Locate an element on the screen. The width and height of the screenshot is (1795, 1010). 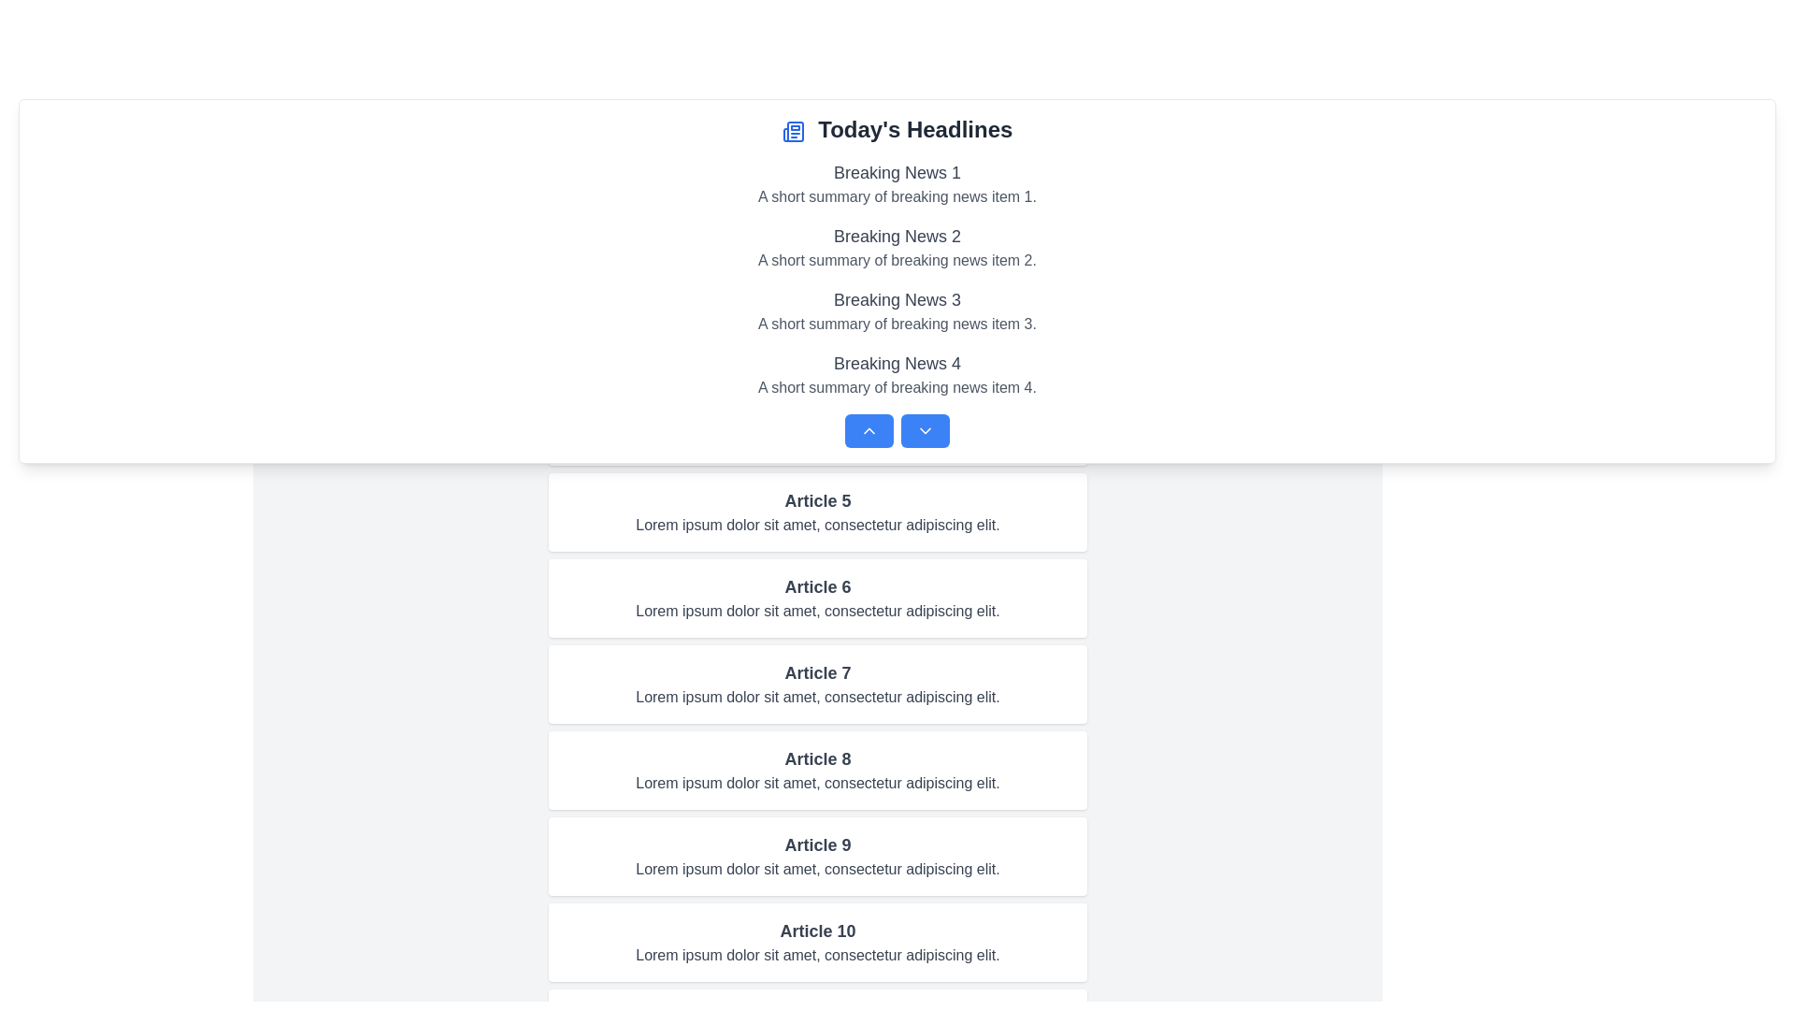
the textual block displaying the headline 'Breaking News 4' and summary 'A short summary of breaking news item 4', which is the fourth entry under 'Today's Headlines' is located at coordinates (897, 375).